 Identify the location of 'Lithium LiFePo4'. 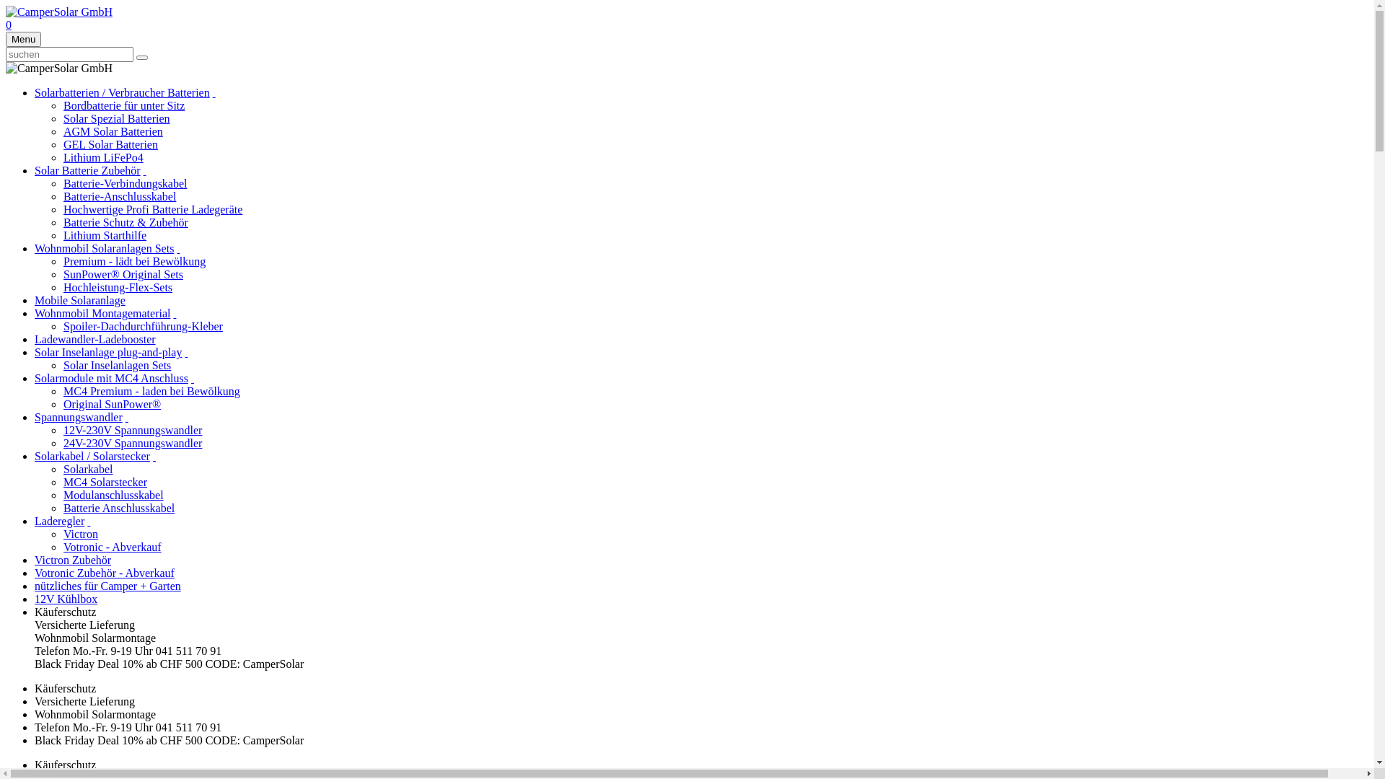
(102, 157).